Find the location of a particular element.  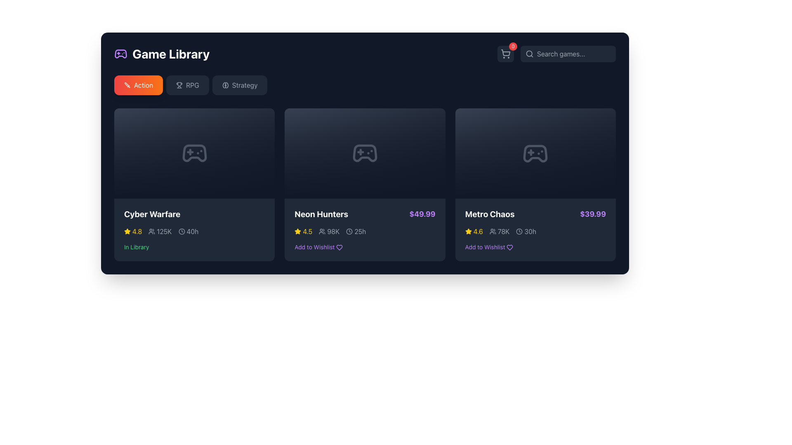

the small clock icon, which features a circular outline and clock hands, located to the left of the text '40h' in the Cyber Warfare game information card is located at coordinates (181, 232).